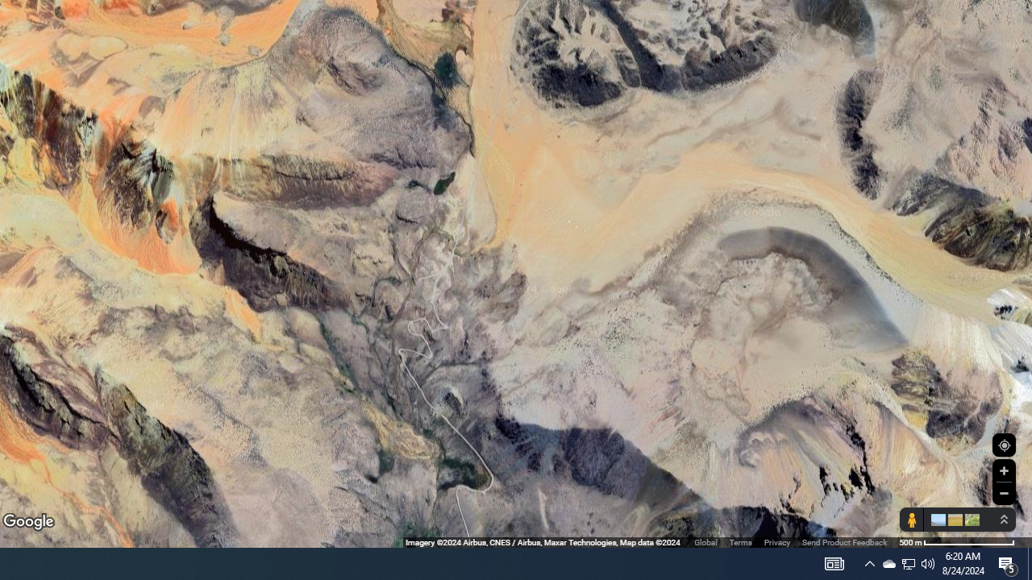 This screenshot has height=580, width=1032. What do you see at coordinates (1003, 492) in the screenshot?
I see `'Zoom out'` at bounding box center [1003, 492].